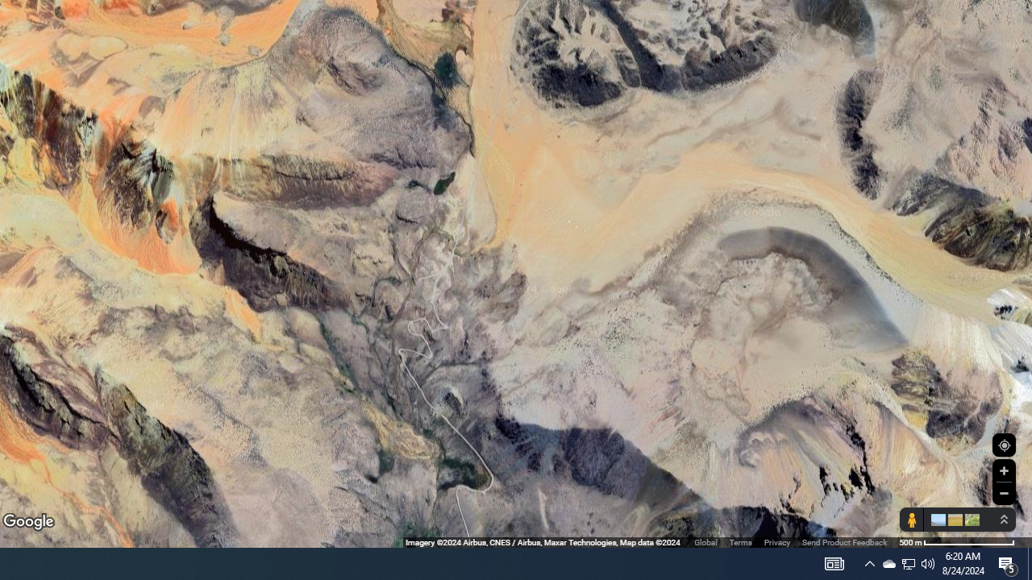 This screenshot has height=580, width=1032. What do you see at coordinates (1003, 492) in the screenshot?
I see `'Zoom out'` at bounding box center [1003, 492].